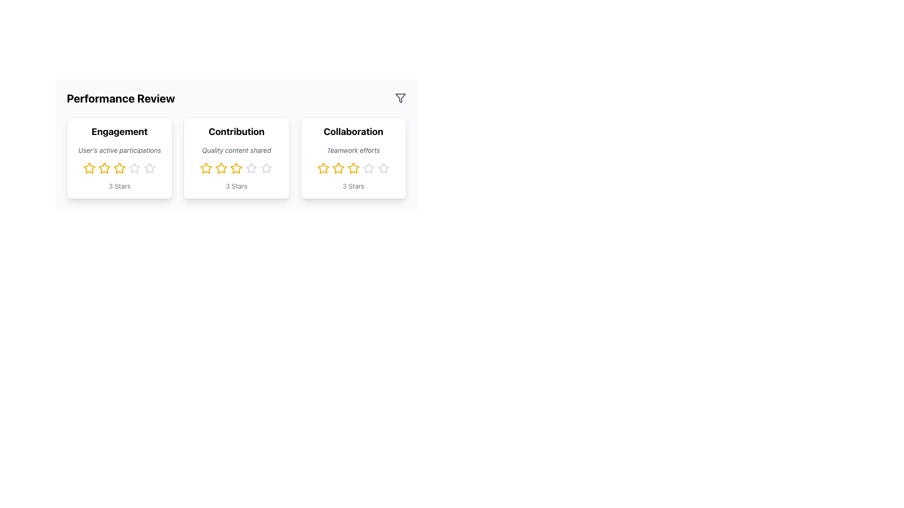 The image size is (904, 508). Describe the element at coordinates (353, 150) in the screenshot. I see `the text label 'Teamwork efforts' located within the 'Collaboration' card, which is styled in italicized small font and positioned between the bold title and star rating` at that location.